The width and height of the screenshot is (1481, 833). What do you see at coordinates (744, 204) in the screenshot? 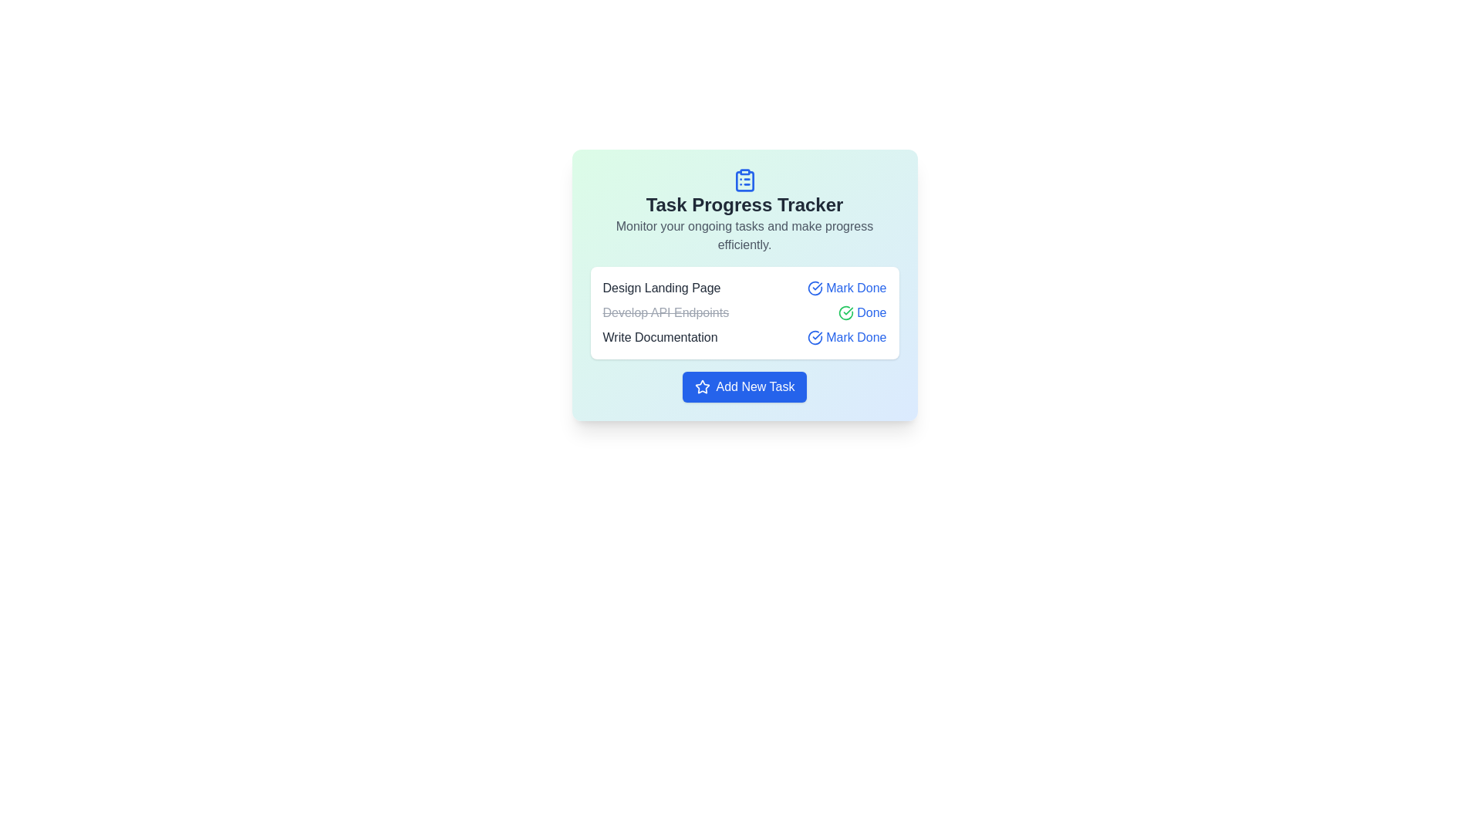
I see `the heading text that labels the task tracking and progress management section, located centrally below a blue clipboard icon` at bounding box center [744, 204].